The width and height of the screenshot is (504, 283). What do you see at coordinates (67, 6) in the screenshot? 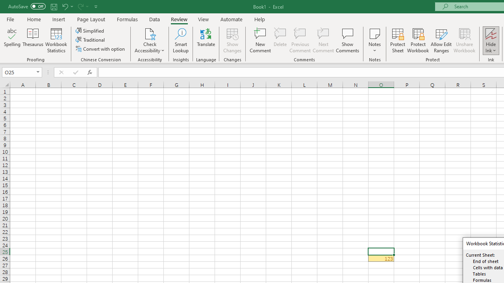
I see `'Undo'` at bounding box center [67, 6].